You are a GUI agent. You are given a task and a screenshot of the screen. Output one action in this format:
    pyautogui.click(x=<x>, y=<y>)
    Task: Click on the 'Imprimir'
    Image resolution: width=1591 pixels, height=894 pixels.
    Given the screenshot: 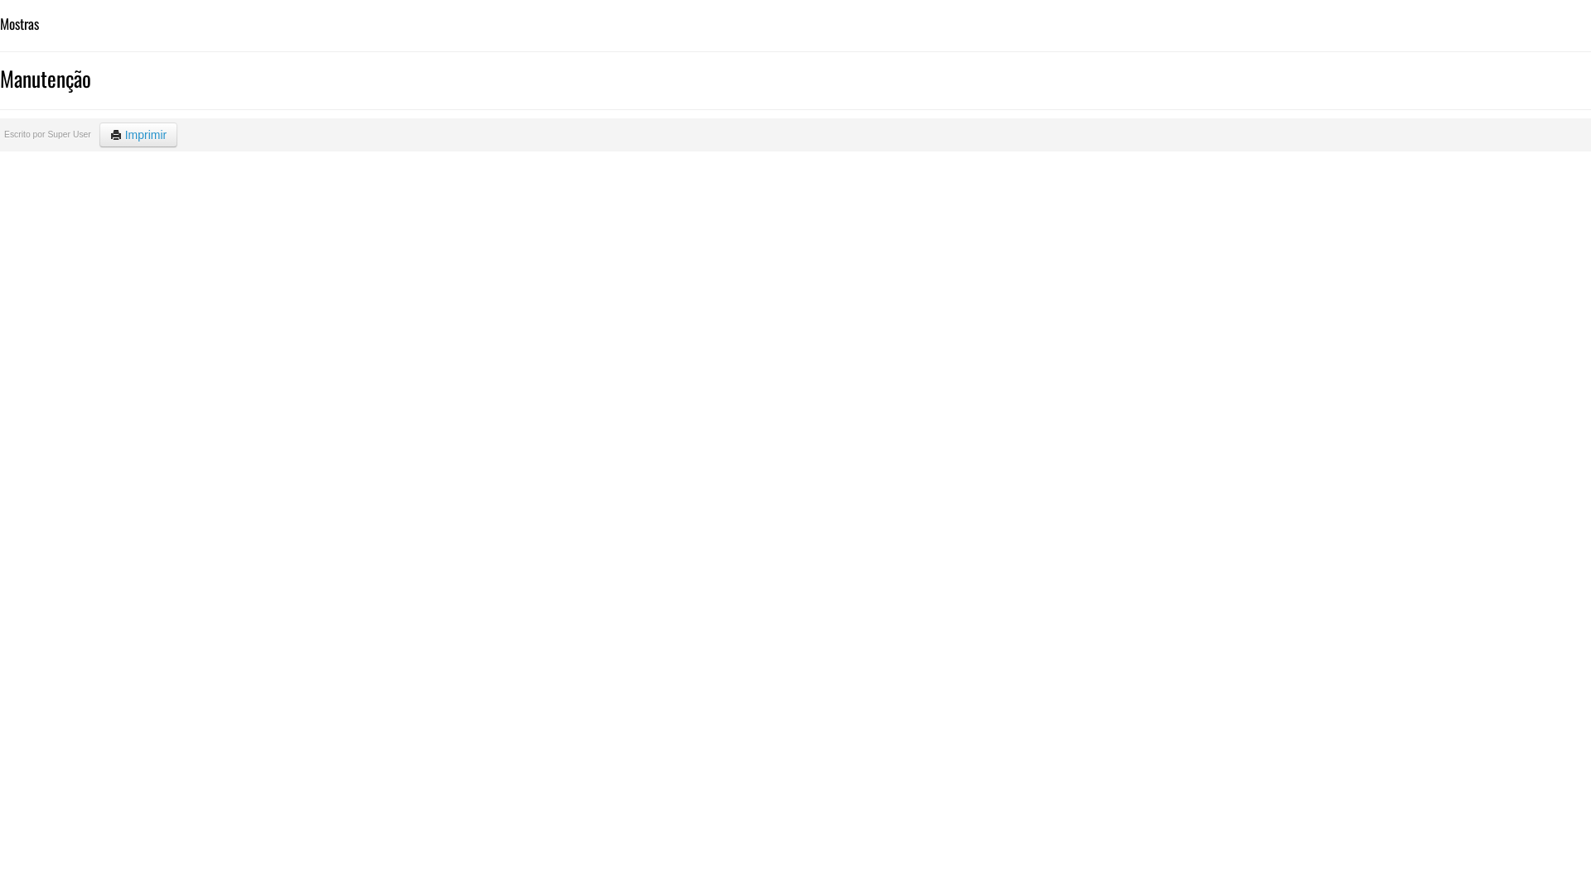 What is the action you would take?
    pyautogui.click(x=138, y=133)
    